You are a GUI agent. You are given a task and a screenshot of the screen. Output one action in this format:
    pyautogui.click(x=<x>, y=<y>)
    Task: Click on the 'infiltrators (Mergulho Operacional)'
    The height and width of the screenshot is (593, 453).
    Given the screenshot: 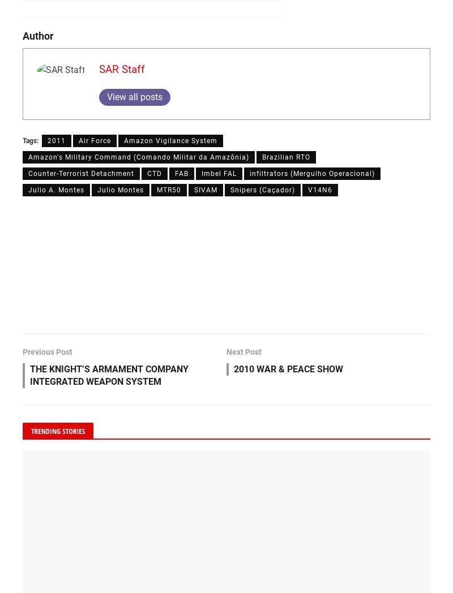 What is the action you would take?
    pyautogui.click(x=312, y=173)
    